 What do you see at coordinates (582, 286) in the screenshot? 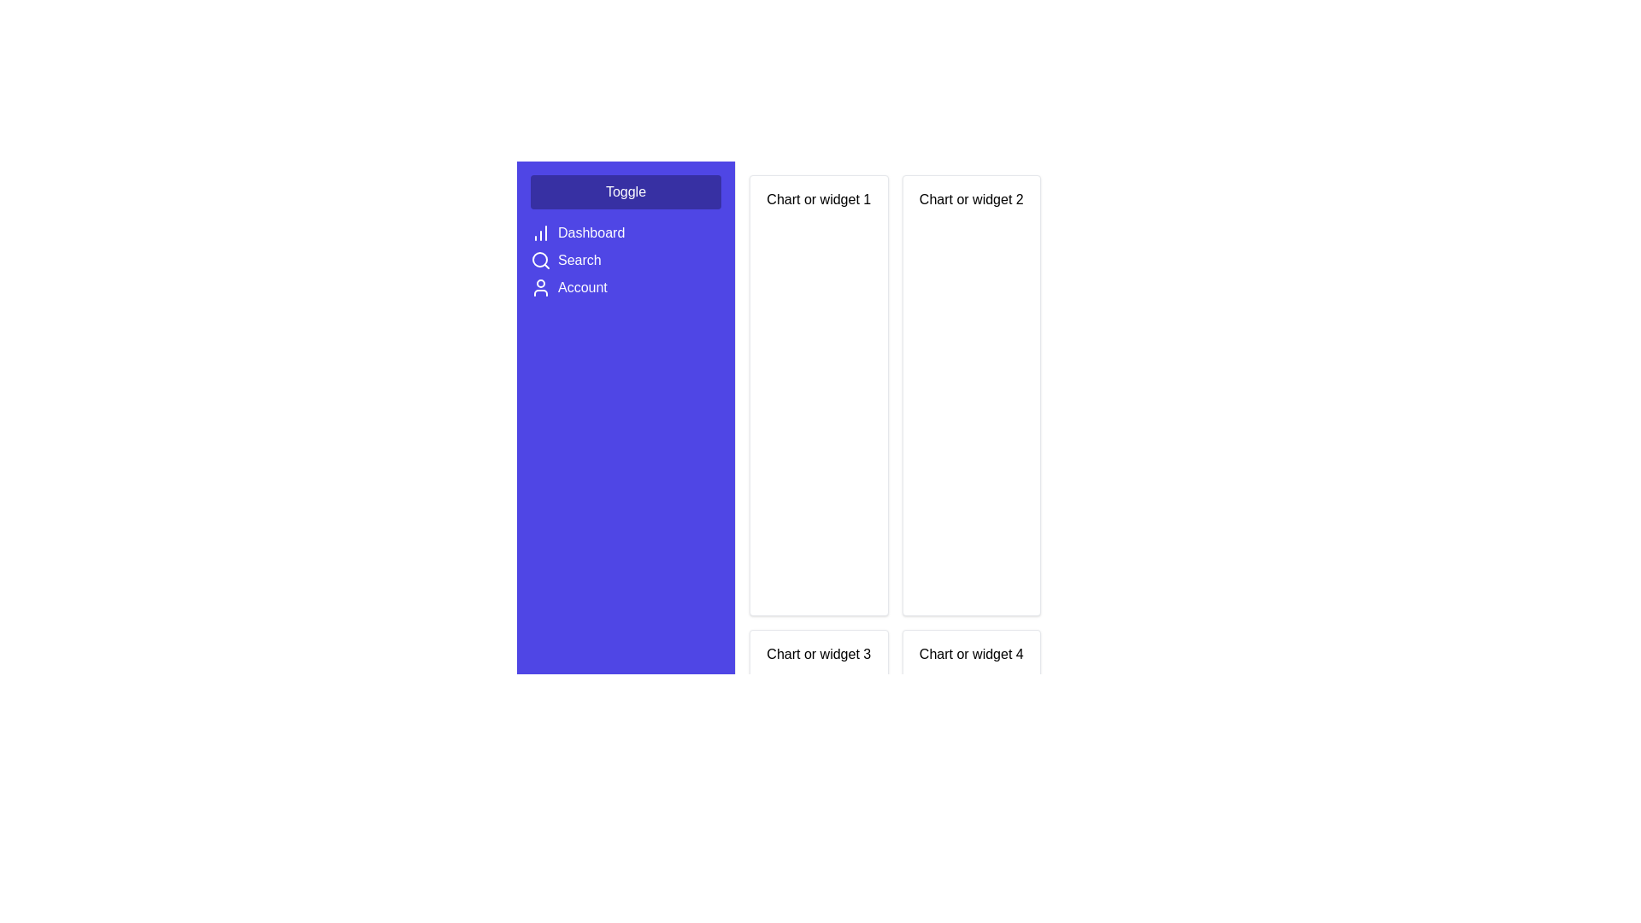
I see `the 'Account' text label in the vertical navigation panel` at bounding box center [582, 286].